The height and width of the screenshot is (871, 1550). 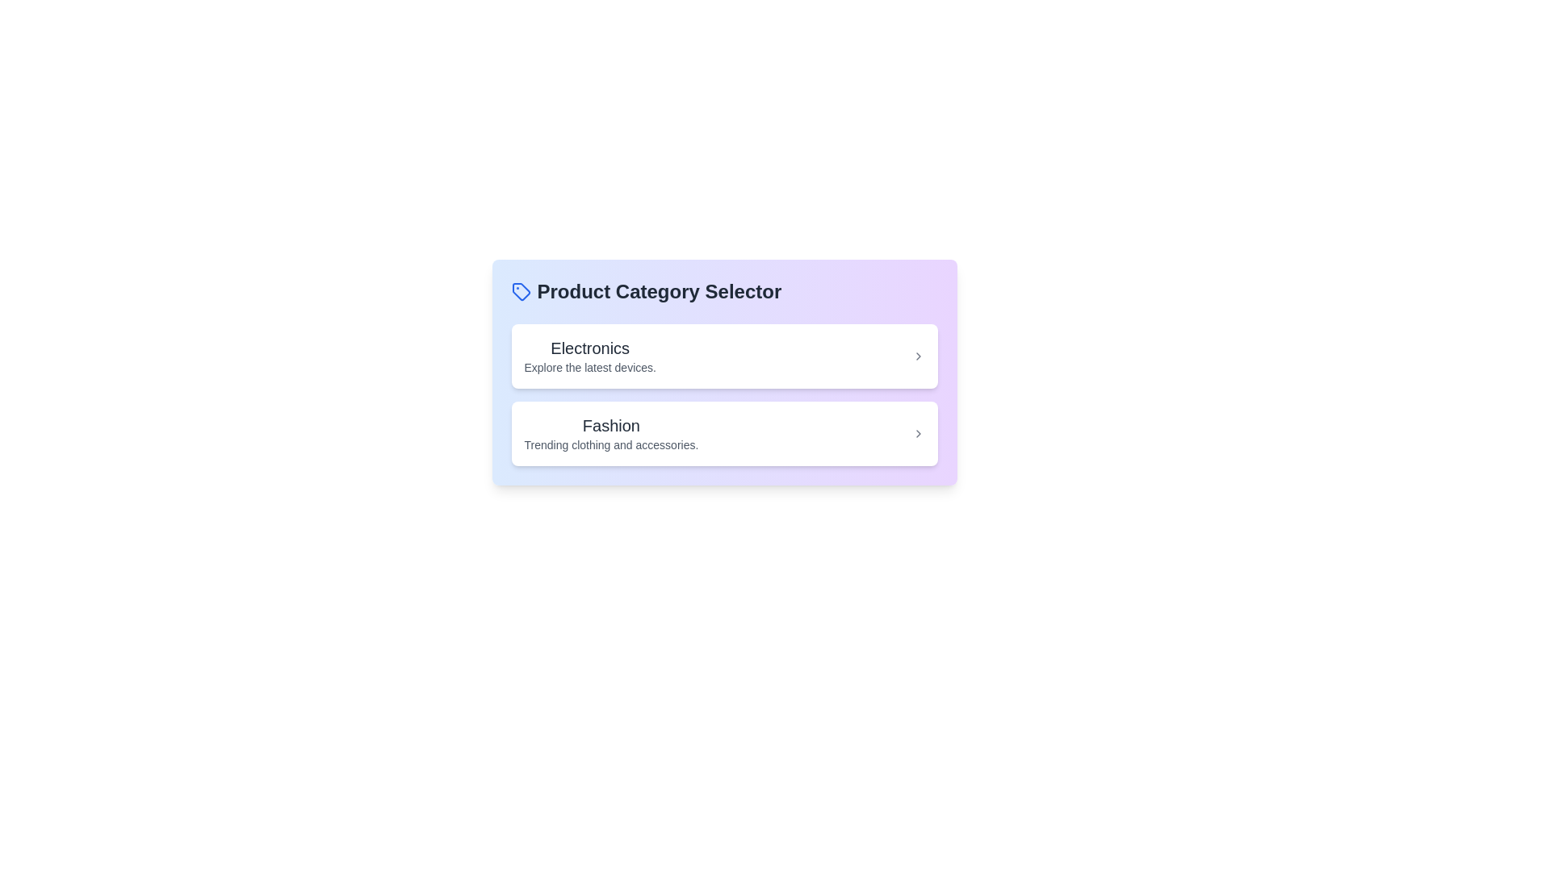 What do you see at coordinates (918, 356) in the screenshot?
I see `the right-facing chevron icon styled with a gray color, located next to the 'Electronics Explore the latest devices.' text, aligned horizontally with the 'Electronics' category box` at bounding box center [918, 356].